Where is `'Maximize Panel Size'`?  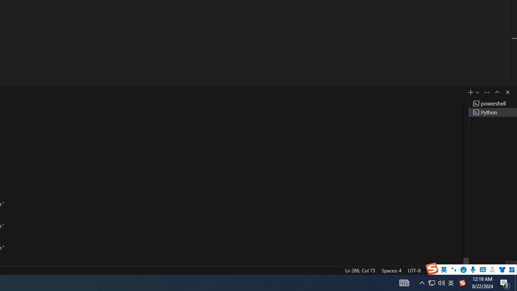
'Maximize Panel Size' is located at coordinates (496, 91).